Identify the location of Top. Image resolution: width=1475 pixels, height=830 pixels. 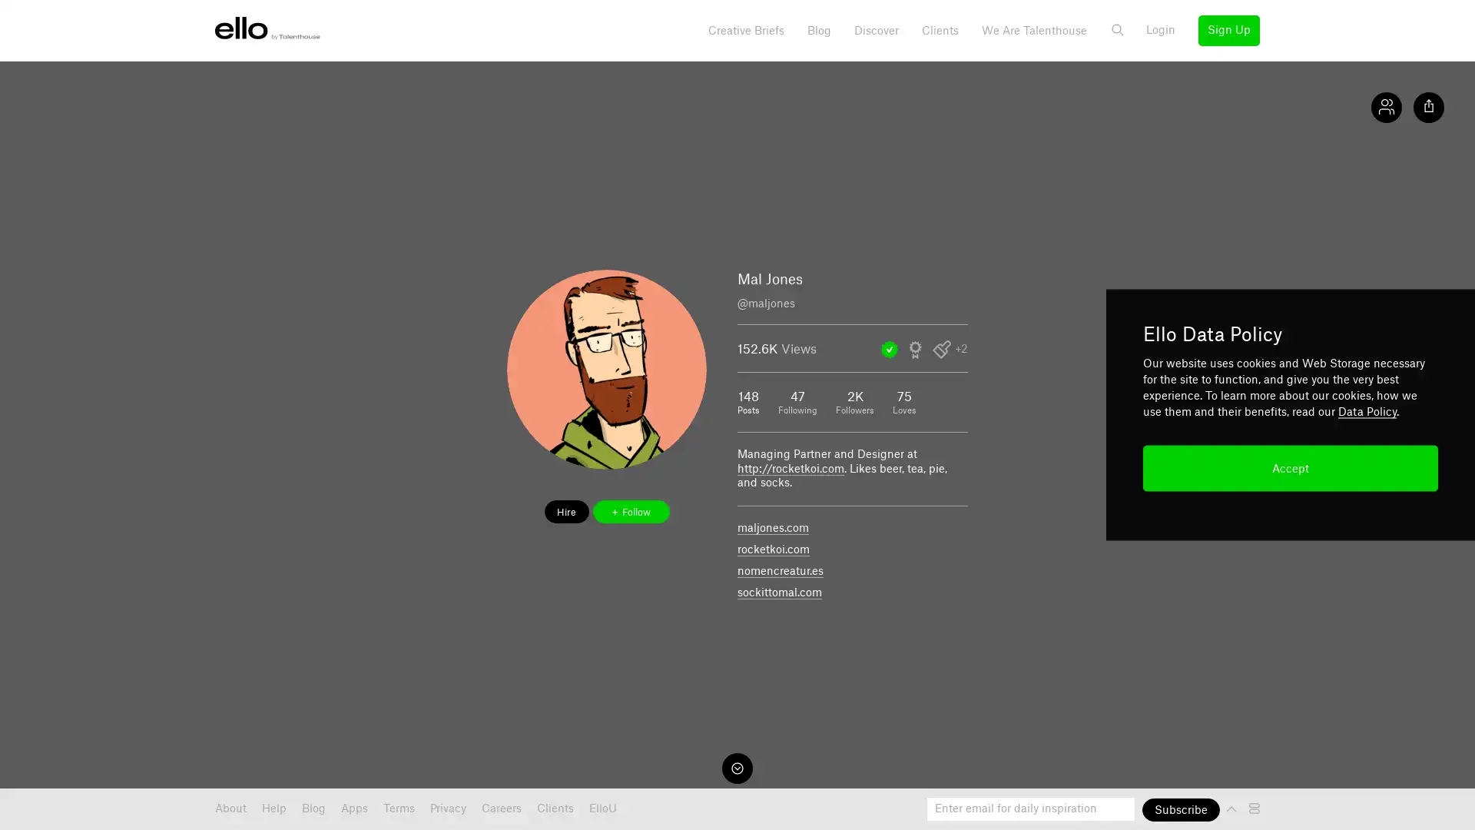
(1233, 808).